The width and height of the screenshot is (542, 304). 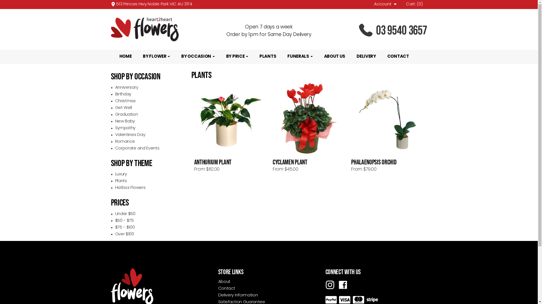 I want to click on 'Cart: (0)', so click(x=406, y=4).